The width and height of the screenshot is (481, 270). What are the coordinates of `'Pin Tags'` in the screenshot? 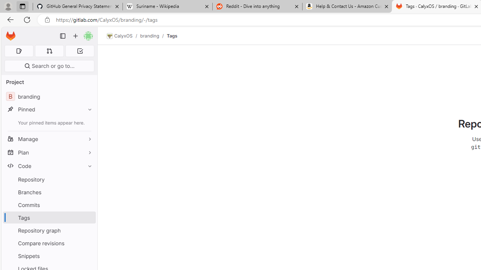 It's located at (88, 217).